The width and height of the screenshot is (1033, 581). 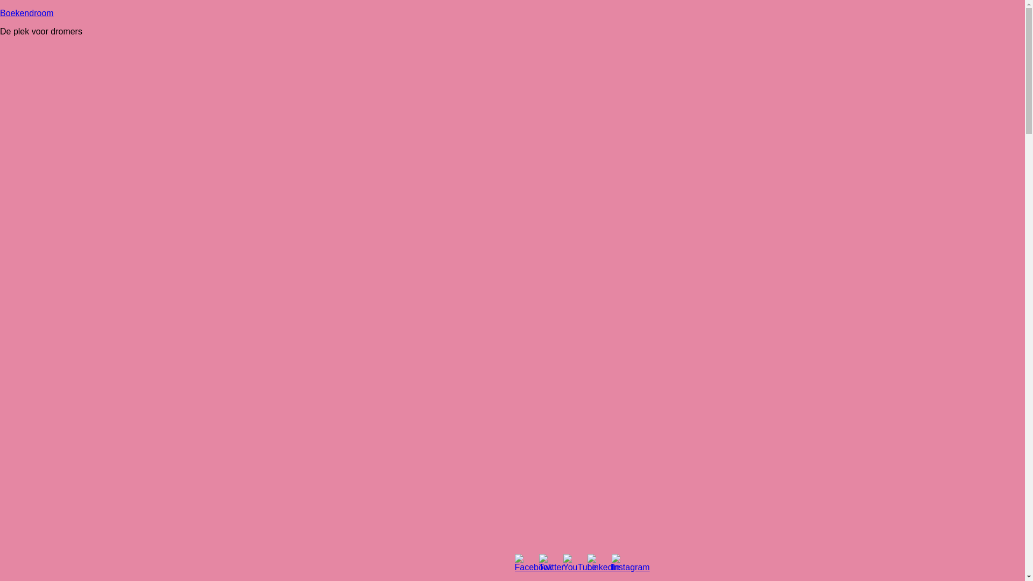 I want to click on 'YouTube', so click(x=579, y=562).